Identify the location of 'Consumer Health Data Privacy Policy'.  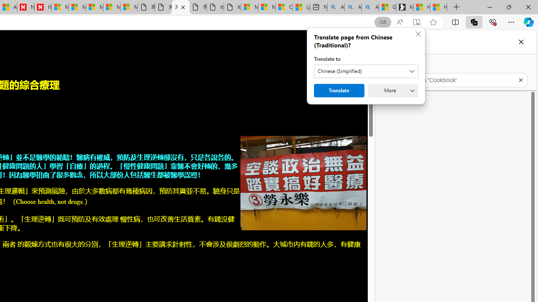
(284, 7).